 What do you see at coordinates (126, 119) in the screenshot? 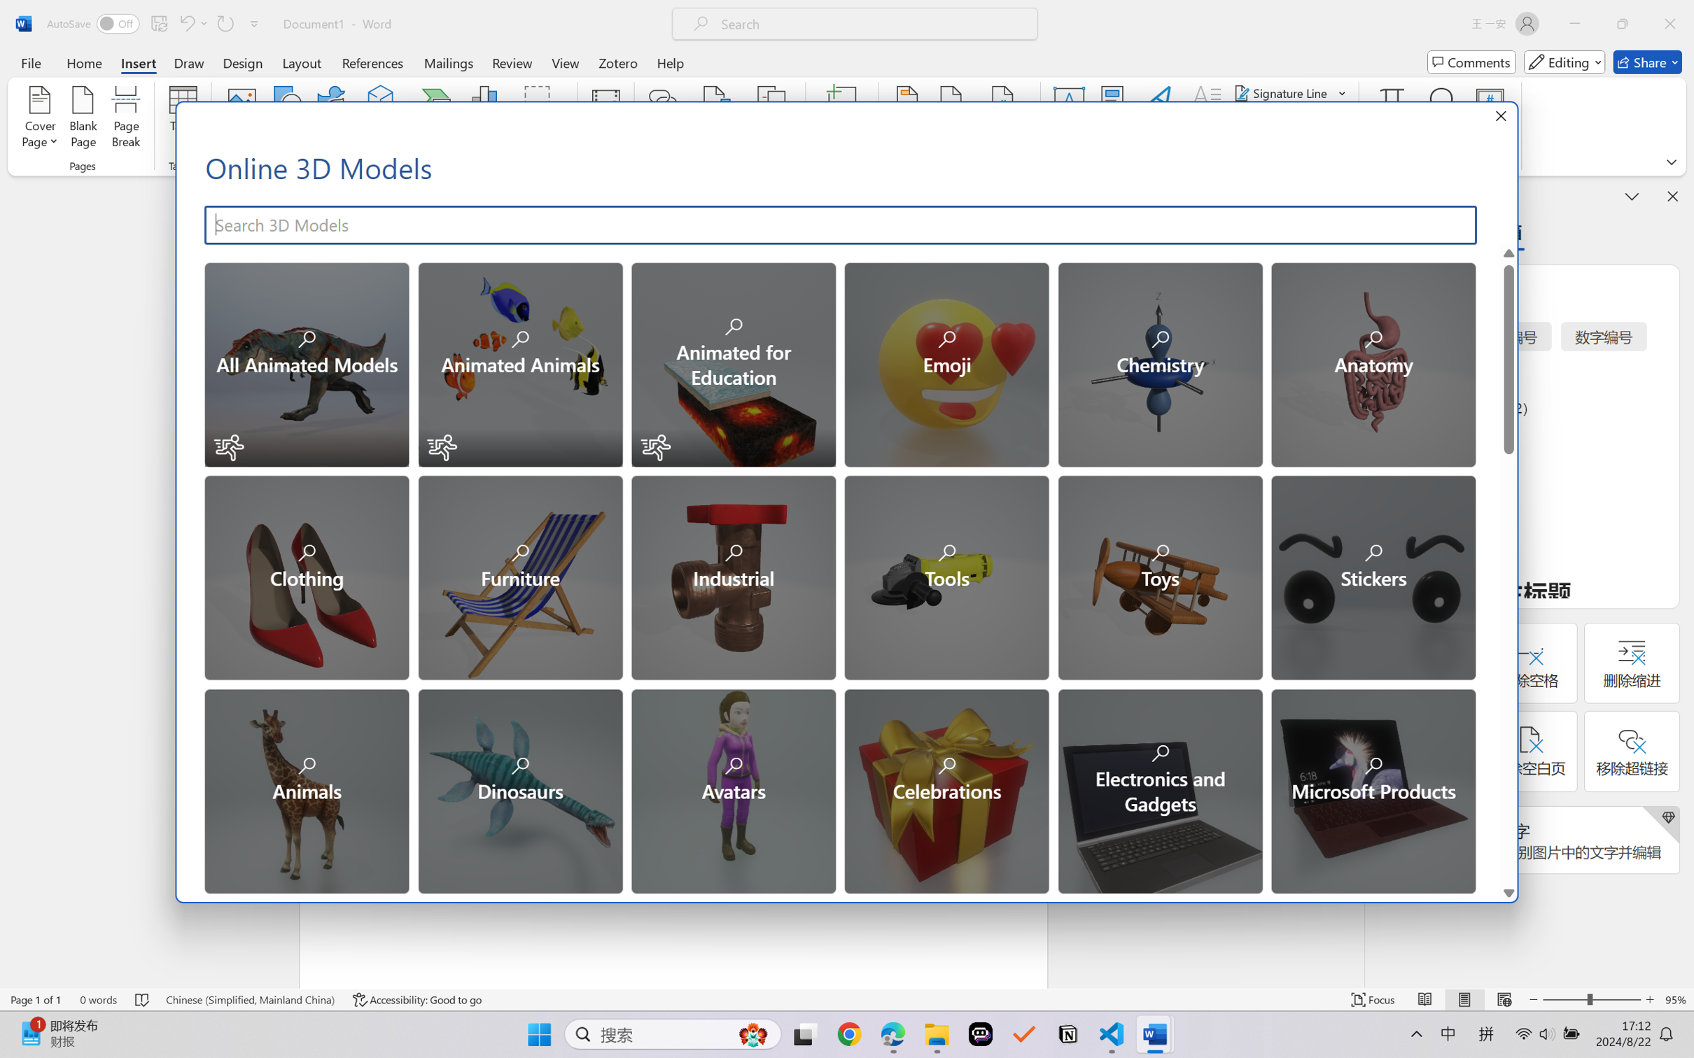
I see `'Page Break'` at bounding box center [126, 119].